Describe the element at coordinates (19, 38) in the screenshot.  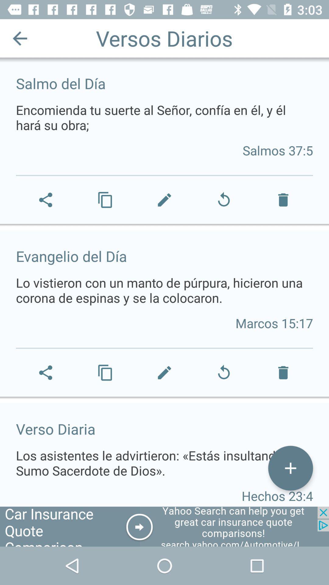
I see `go back` at that location.